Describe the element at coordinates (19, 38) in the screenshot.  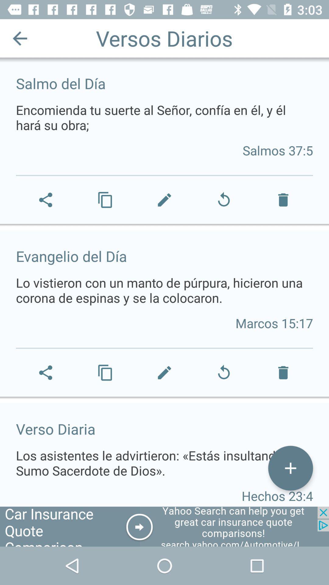
I see `go back` at that location.